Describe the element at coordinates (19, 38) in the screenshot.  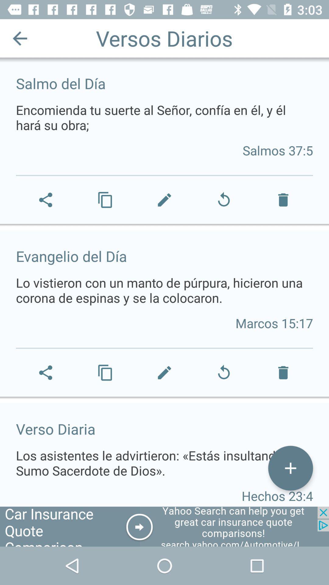
I see `go back` at that location.